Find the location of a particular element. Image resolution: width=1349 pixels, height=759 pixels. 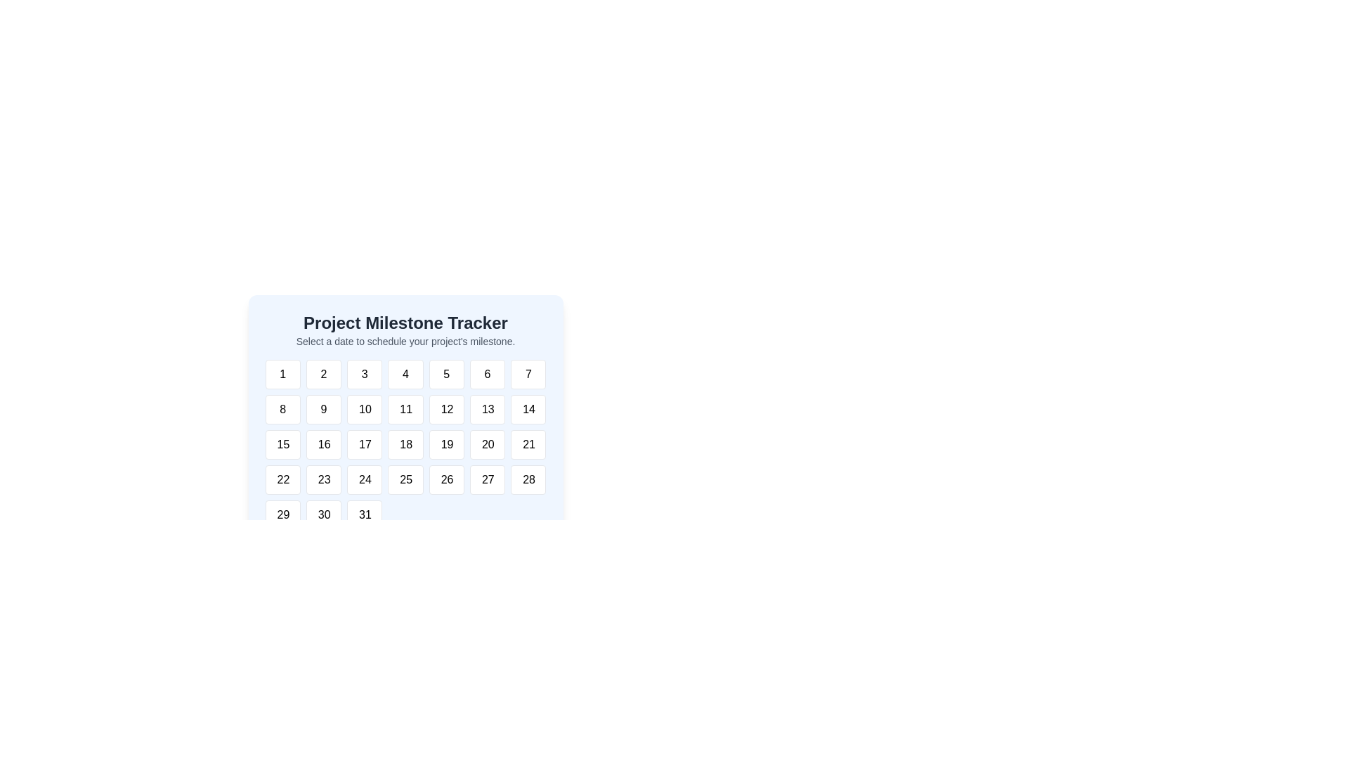

the button representing the fourteenth day in a calendar grid is located at coordinates (528, 409).